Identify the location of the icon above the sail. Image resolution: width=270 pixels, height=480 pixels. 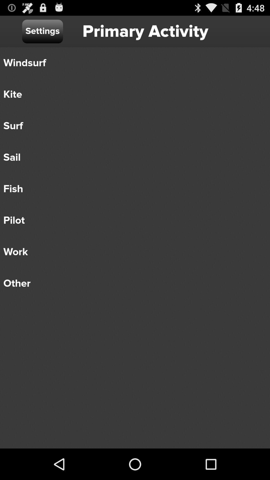
(131, 126).